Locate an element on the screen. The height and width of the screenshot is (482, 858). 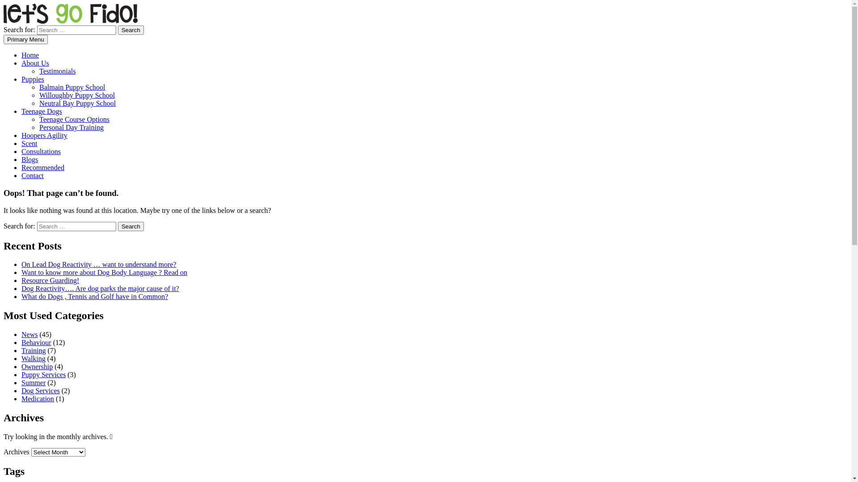
'Search' is located at coordinates (118, 226).